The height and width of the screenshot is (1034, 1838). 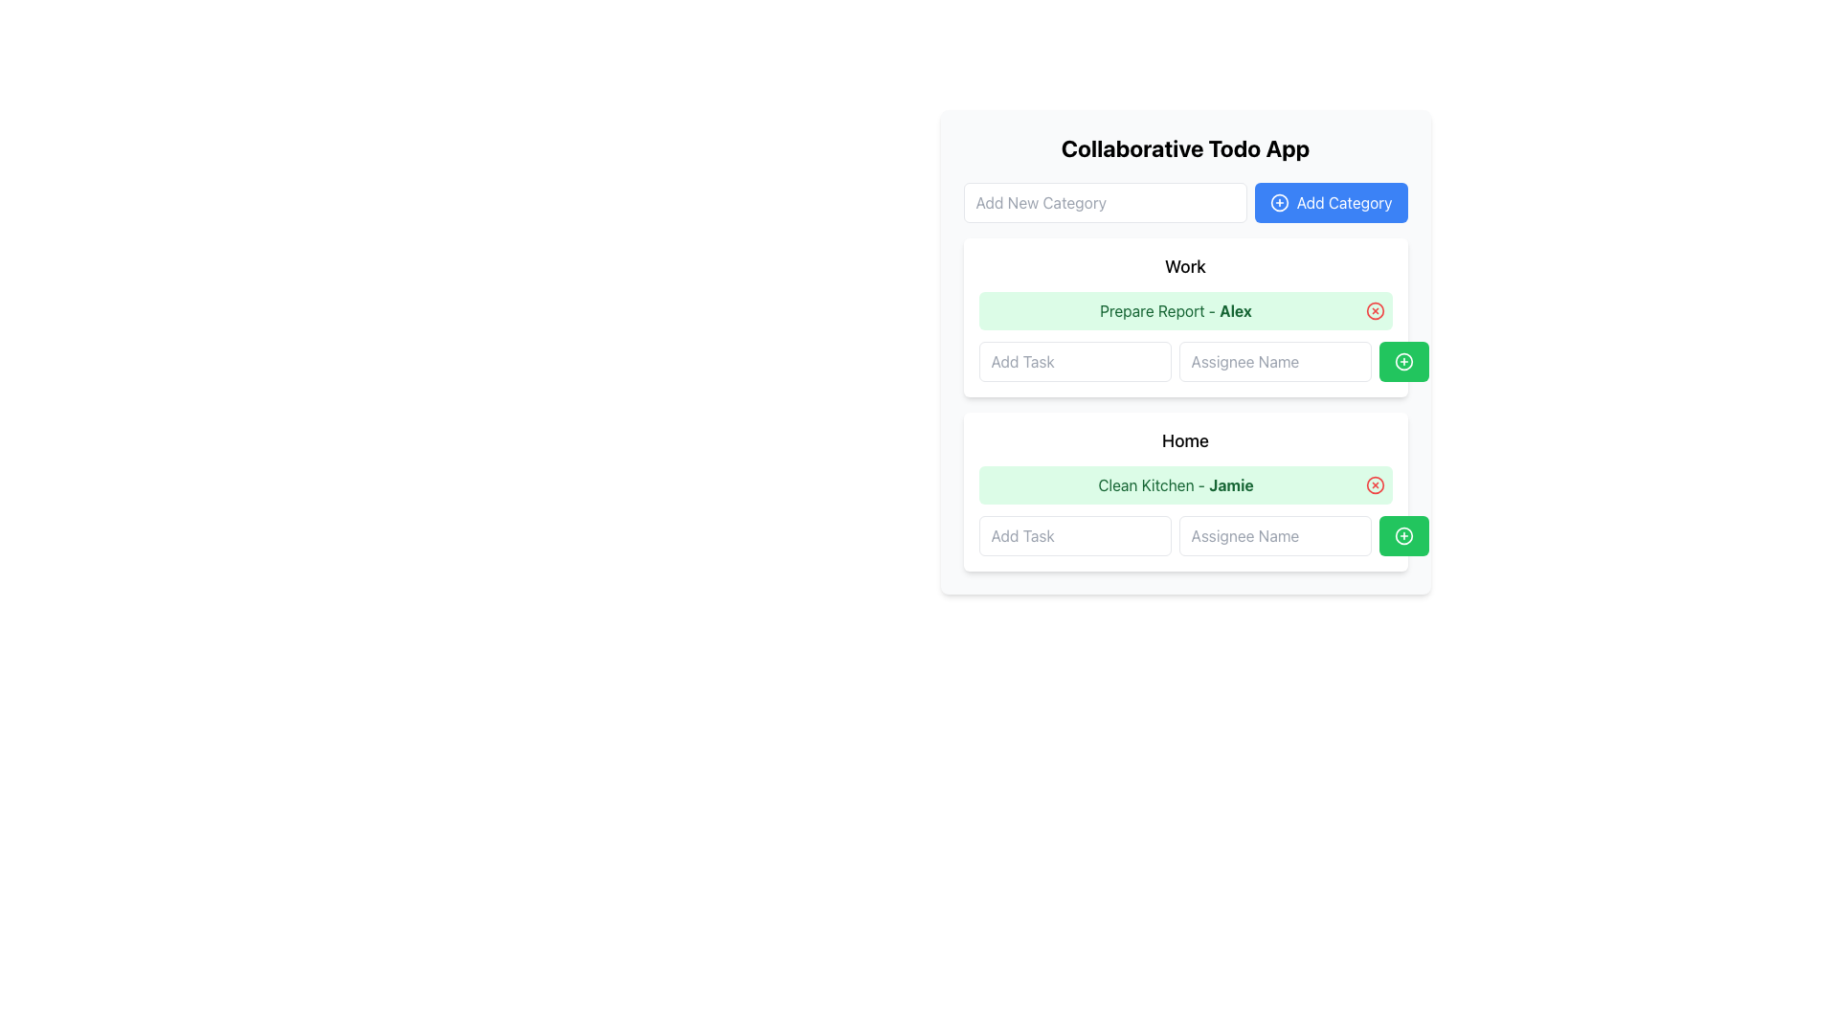 What do you see at coordinates (1236, 309) in the screenshot?
I see `the text label displaying 'Alex', which is styled in a bold green font and is part of the task card 'Prepare Report - Alex' located in the 'Work' section` at bounding box center [1236, 309].